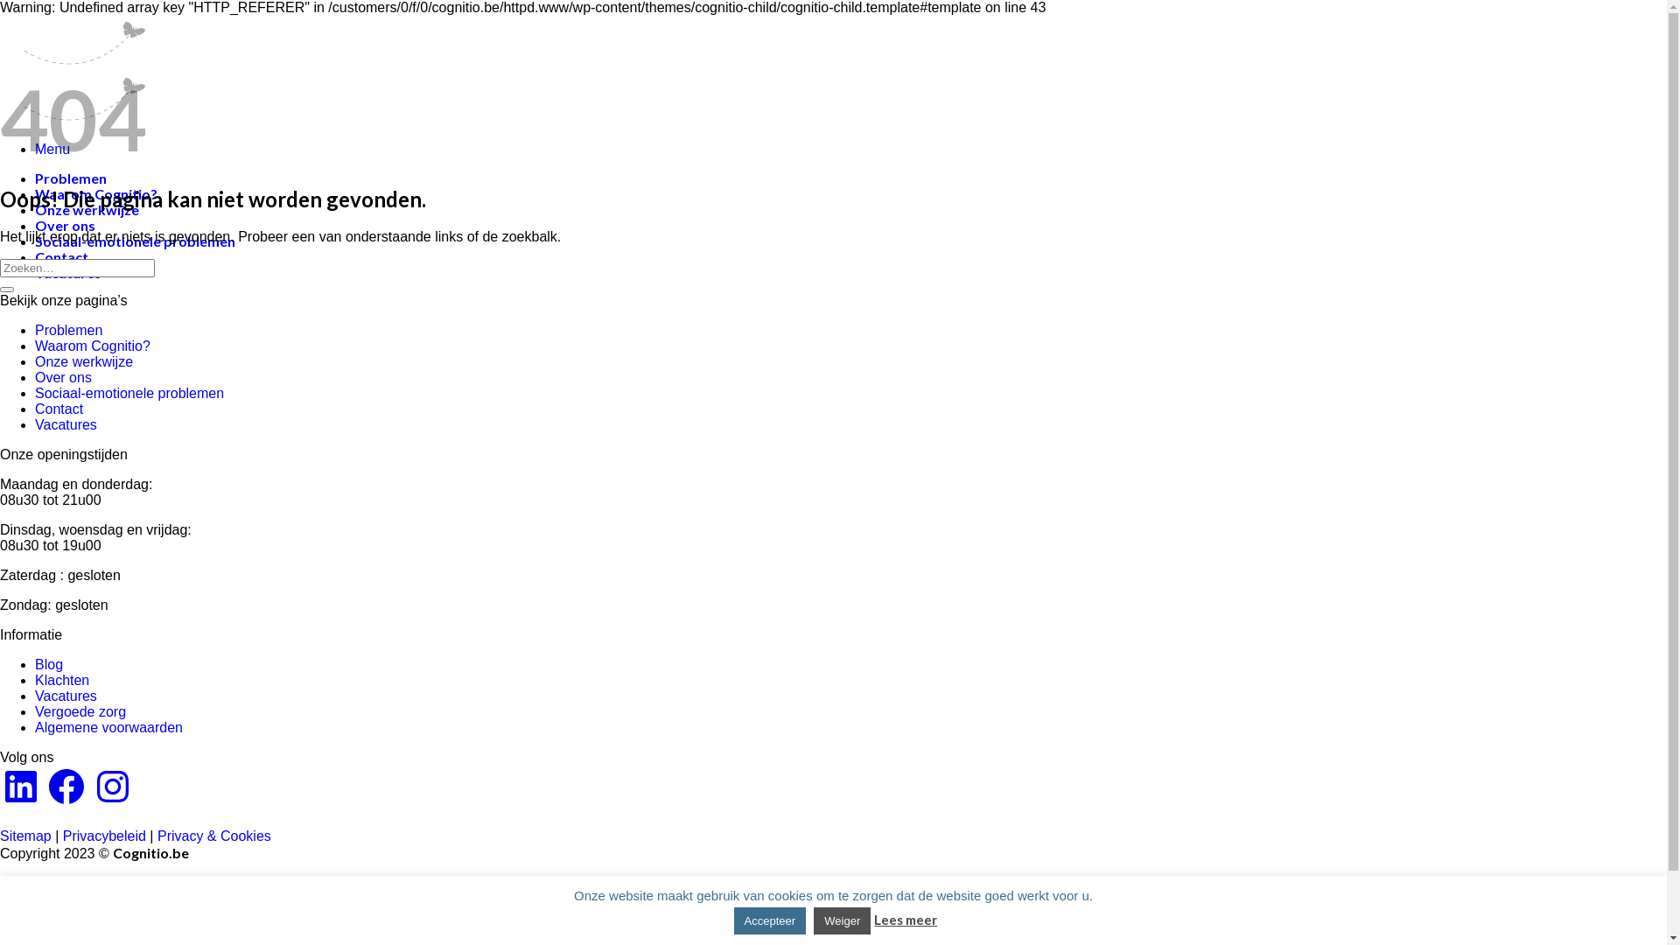  What do you see at coordinates (52, 148) in the screenshot?
I see `'Menu'` at bounding box center [52, 148].